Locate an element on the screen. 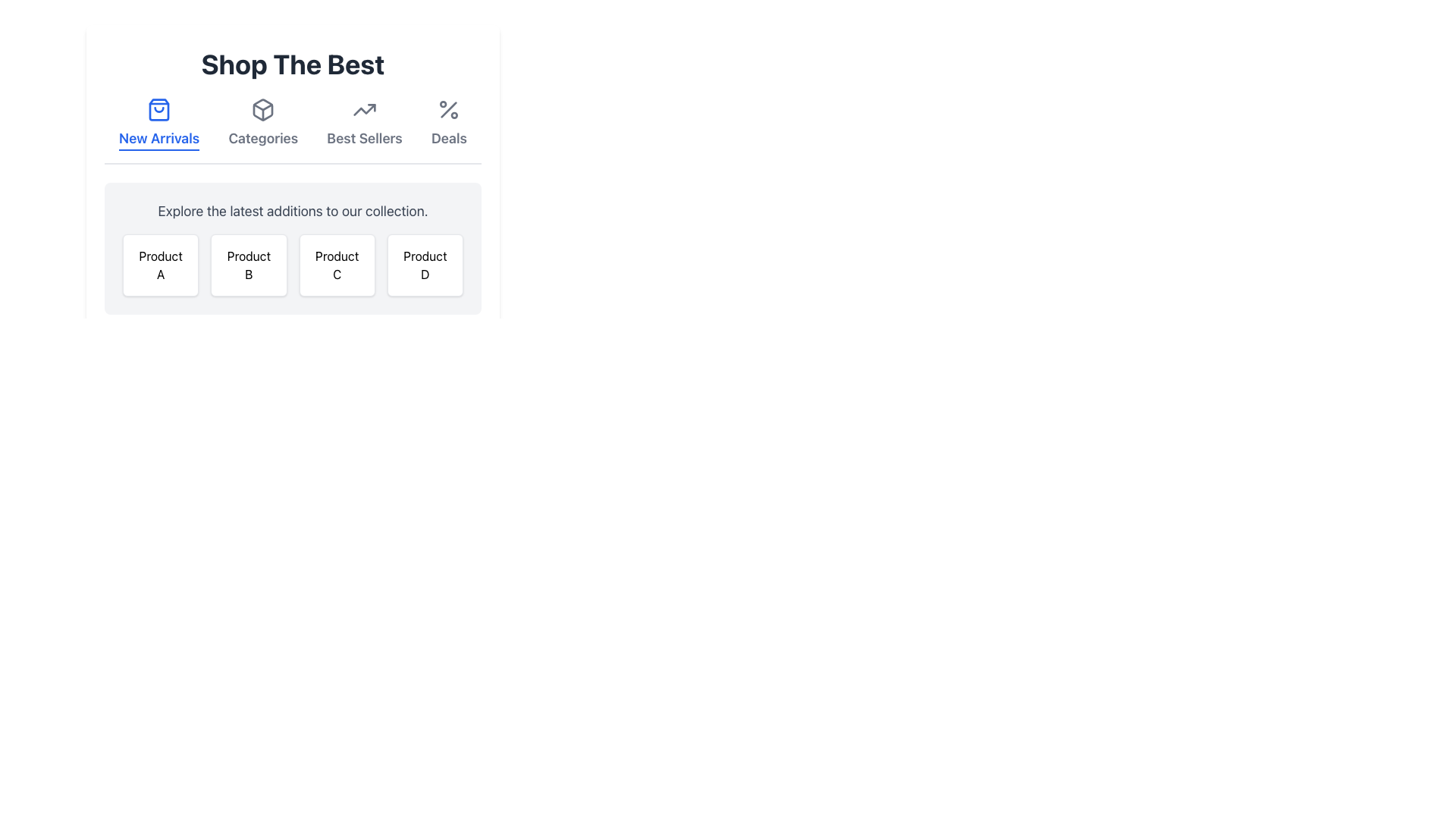 The height and width of the screenshot is (819, 1456). the second option in the central horizontal navigation menu labeled 'Categories' is located at coordinates (262, 124).